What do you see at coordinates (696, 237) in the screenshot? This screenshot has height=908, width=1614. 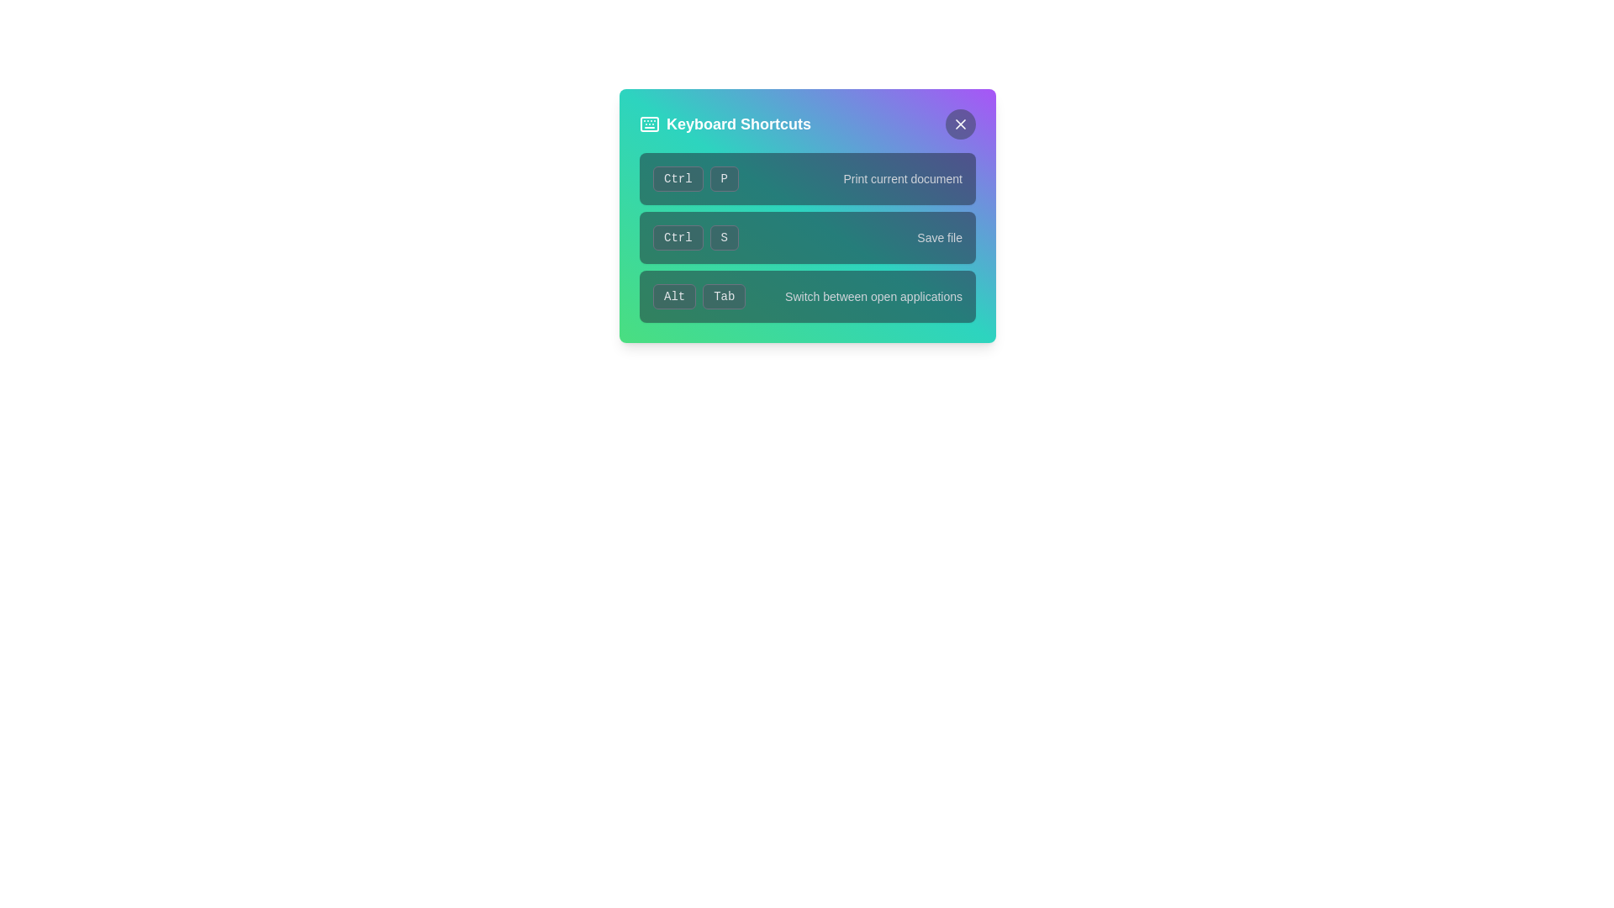 I see `the 'CtrlS' keyboard shortcut label, which is styled with distinct boxes and located in the second row of keyboard shortcuts, specifically for the 'Save file' action` at bounding box center [696, 237].